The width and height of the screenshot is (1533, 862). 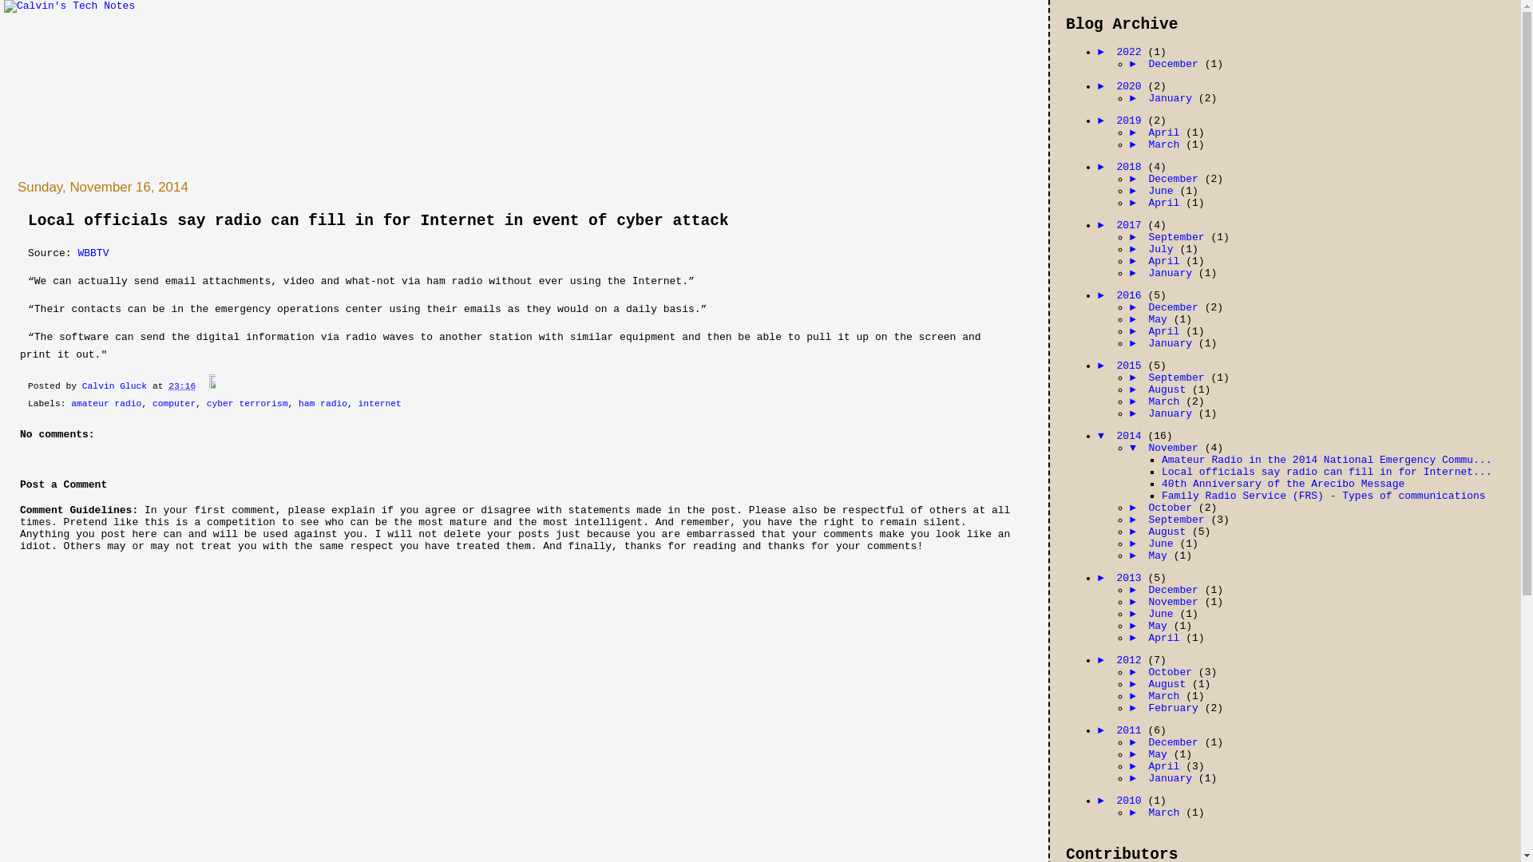 I want to click on 'November', so click(x=1147, y=448).